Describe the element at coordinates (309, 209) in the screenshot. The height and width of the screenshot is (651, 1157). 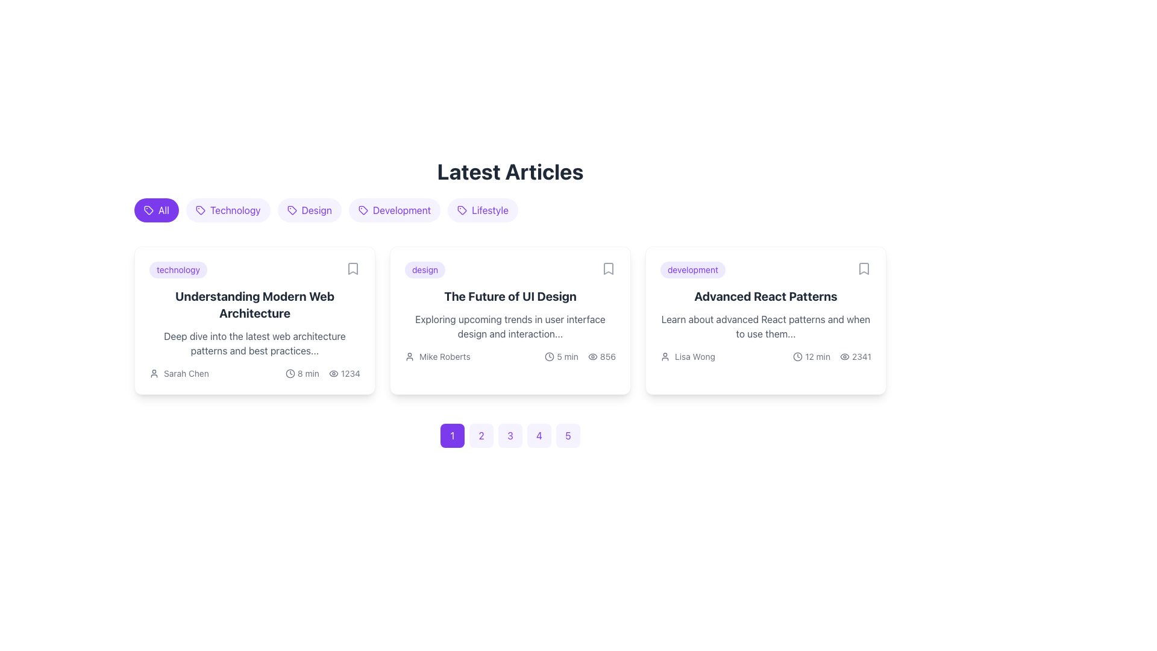
I see `the 'Design' category filter button, which is the third button in the list of category filters at the top of the content cards section` at that location.